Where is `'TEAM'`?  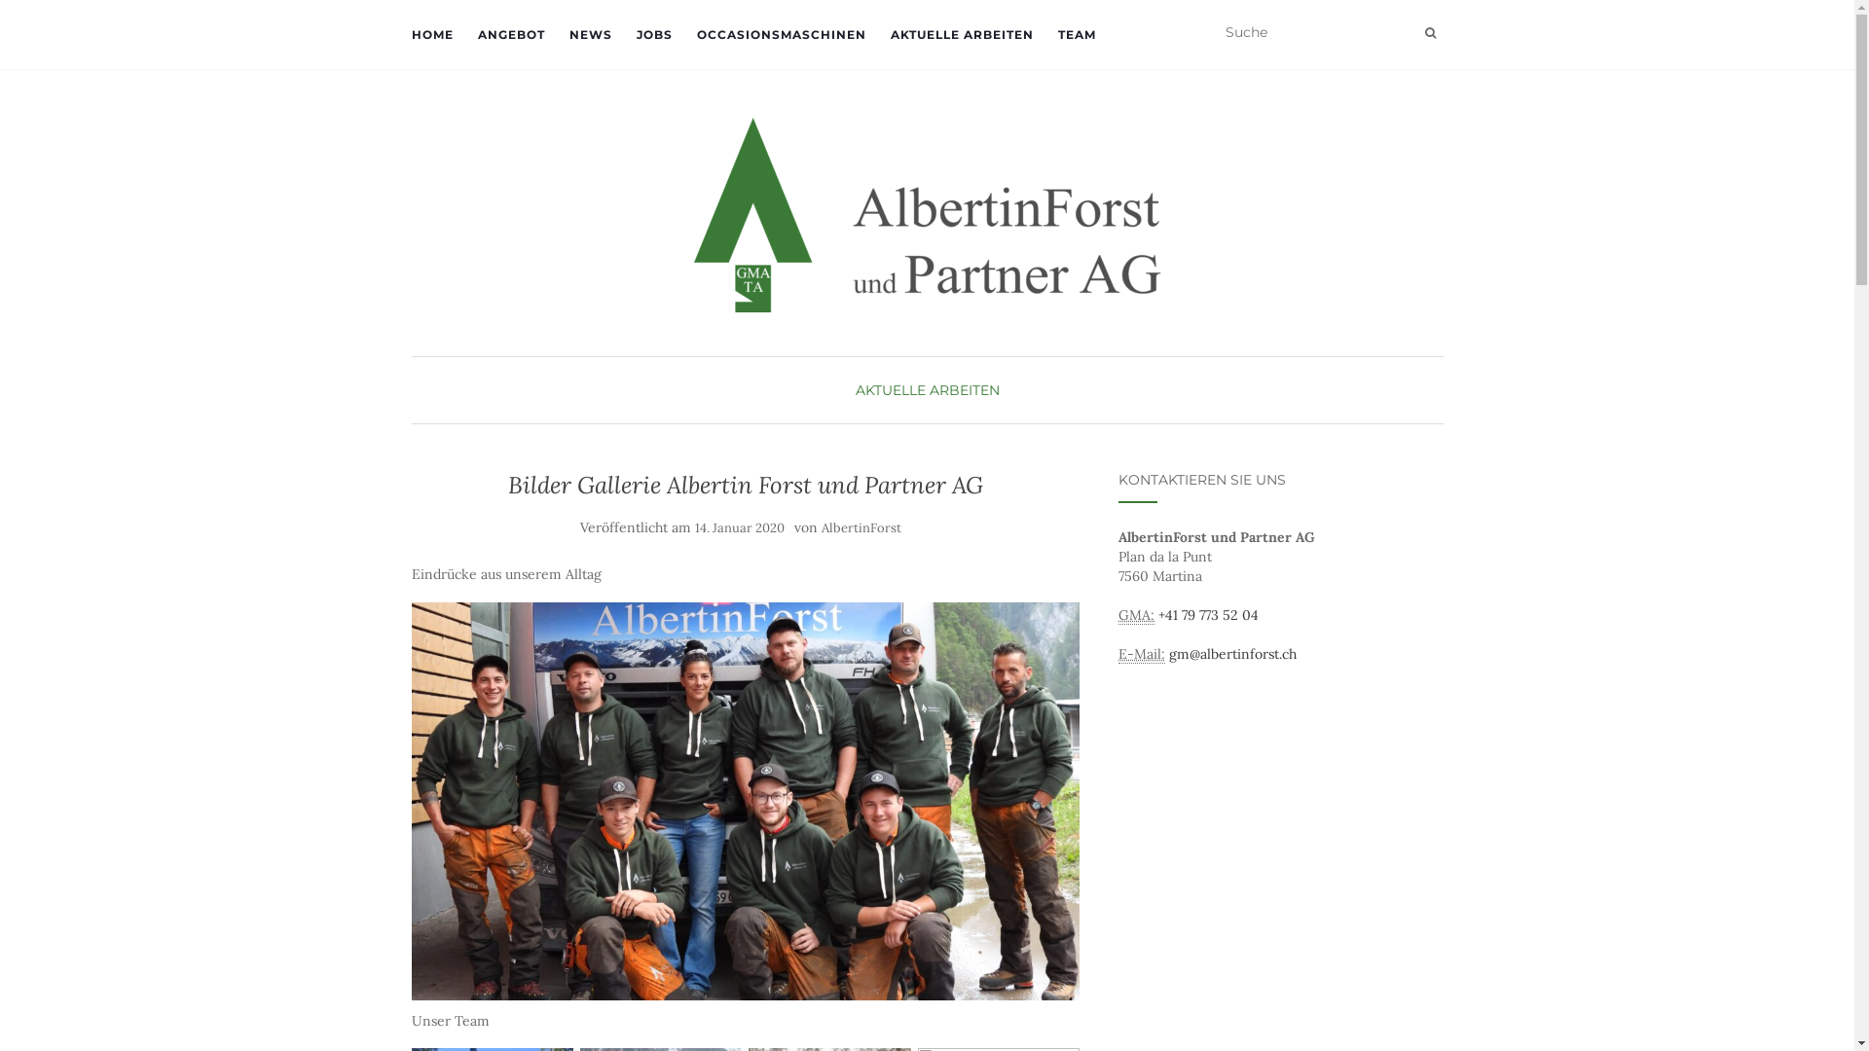
'TEAM' is located at coordinates (1075, 34).